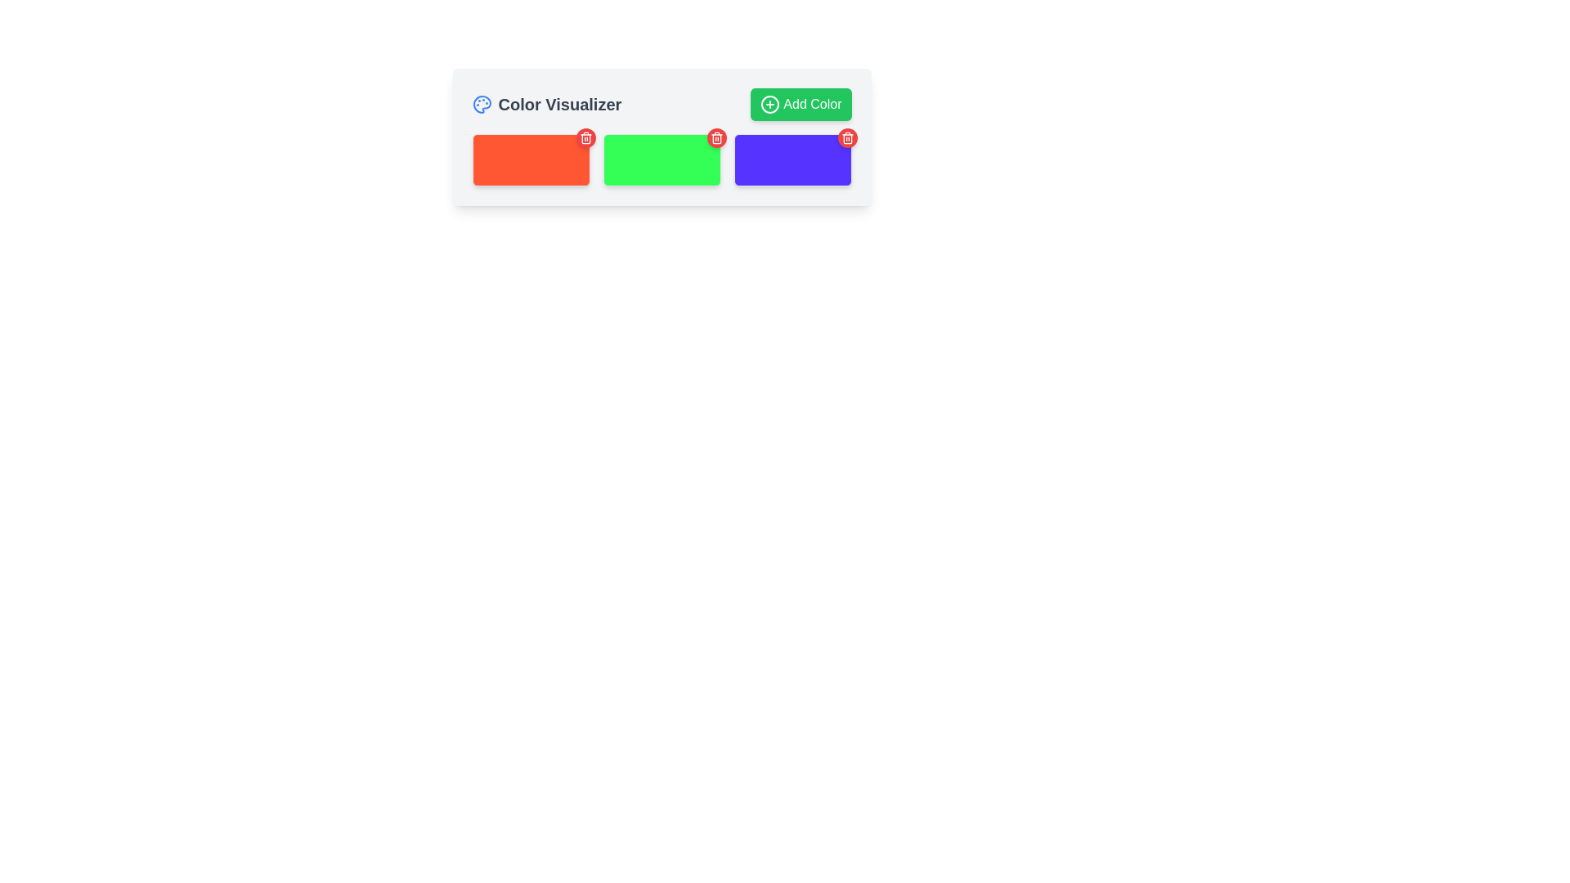 This screenshot has height=883, width=1570. What do you see at coordinates (847, 137) in the screenshot?
I see `the trash can icon with a red circular background and white symbol in the top-right corner of the blue rectangle` at bounding box center [847, 137].